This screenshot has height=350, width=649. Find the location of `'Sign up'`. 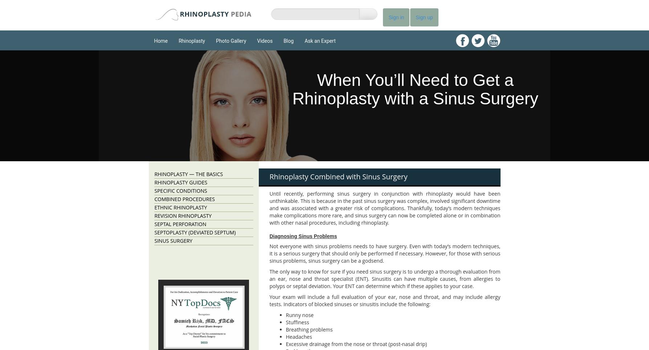

'Sign up' is located at coordinates (415, 17).